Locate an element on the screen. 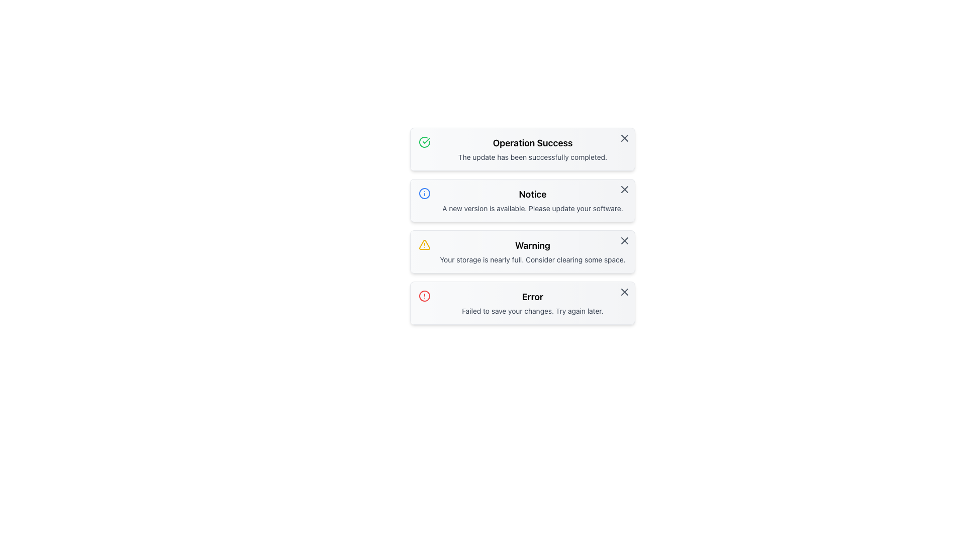  the small gray 'X' icon button located in the top-right corner of the 'Notice' card is located at coordinates (624, 190).